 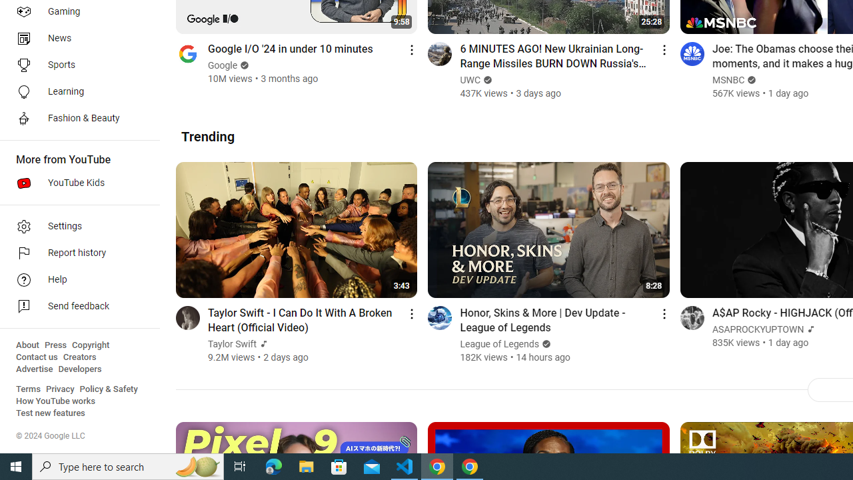 I want to click on 'About', so click(x=27, y=345).